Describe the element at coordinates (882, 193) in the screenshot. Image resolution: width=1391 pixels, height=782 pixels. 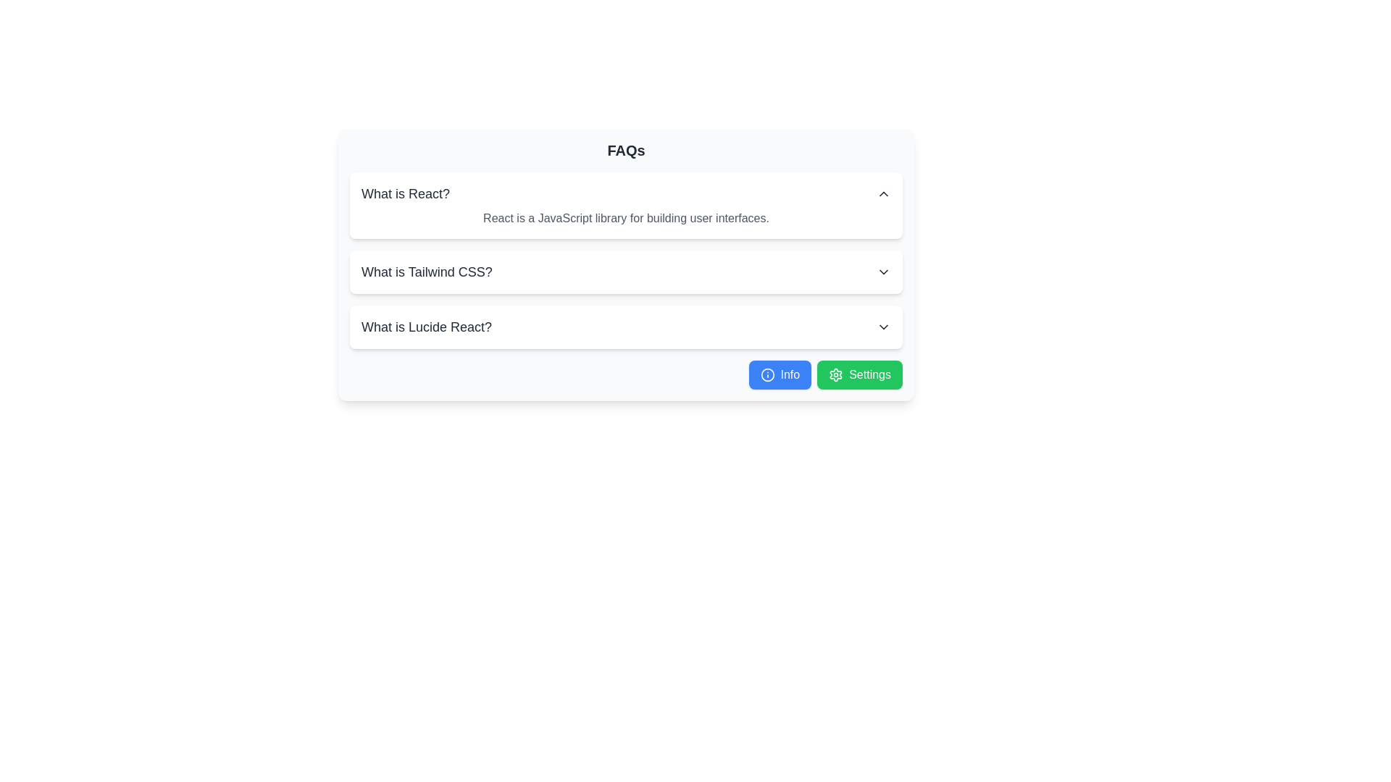
I see `the small upward arrow icon in the FAQ item labeled 'What is React?'` at that location.